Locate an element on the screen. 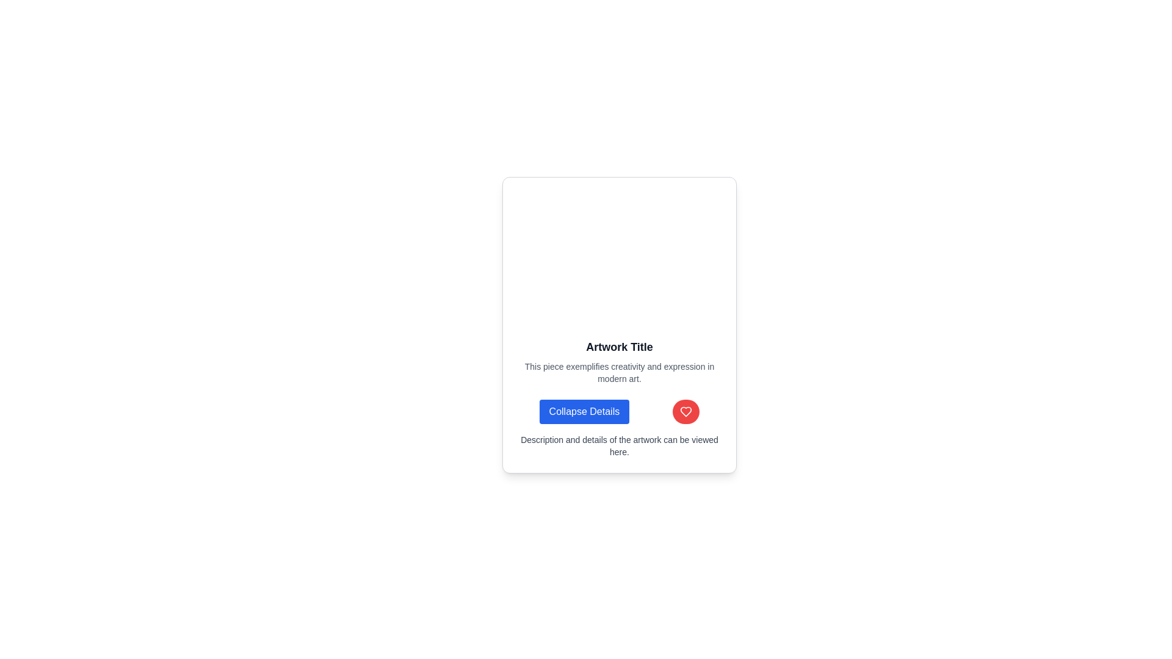 This screenshot has height=659, width=1172. the supplementary descriptive text located directly below the 'Artwork Title' header, which provides context about the artwork is located at coordinates (619, 372).